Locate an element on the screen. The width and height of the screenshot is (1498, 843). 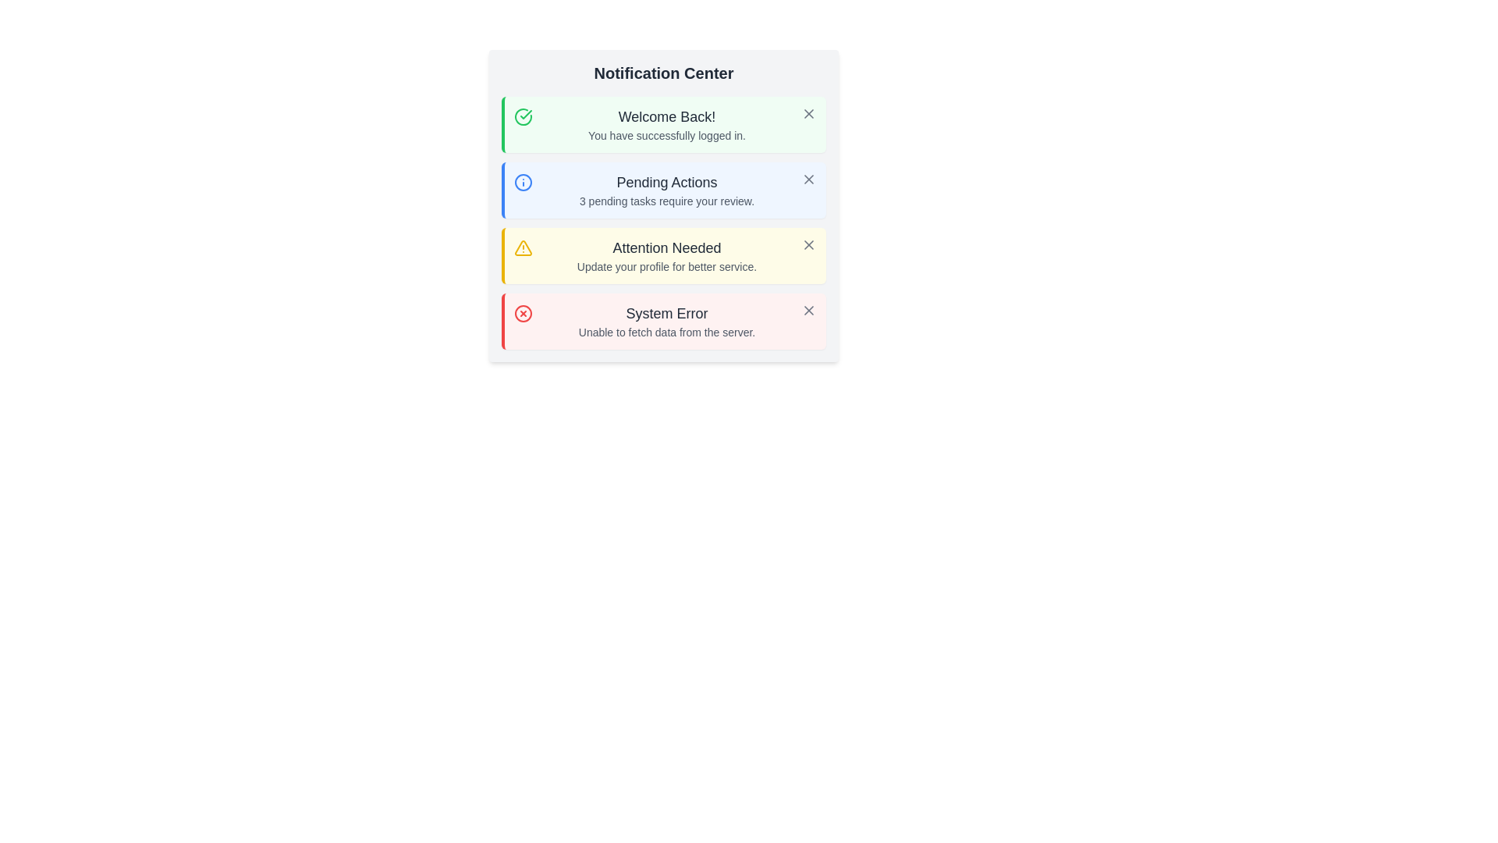
the close icon button located in the top-right corner of the 'Welcome Back!' notification item is located at coordinates (808, 113).